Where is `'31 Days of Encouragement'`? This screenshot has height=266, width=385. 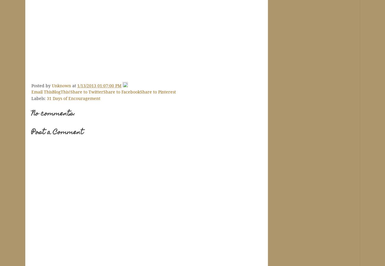
'31 Days of Encouragement' is located at coordinates (73, 98).